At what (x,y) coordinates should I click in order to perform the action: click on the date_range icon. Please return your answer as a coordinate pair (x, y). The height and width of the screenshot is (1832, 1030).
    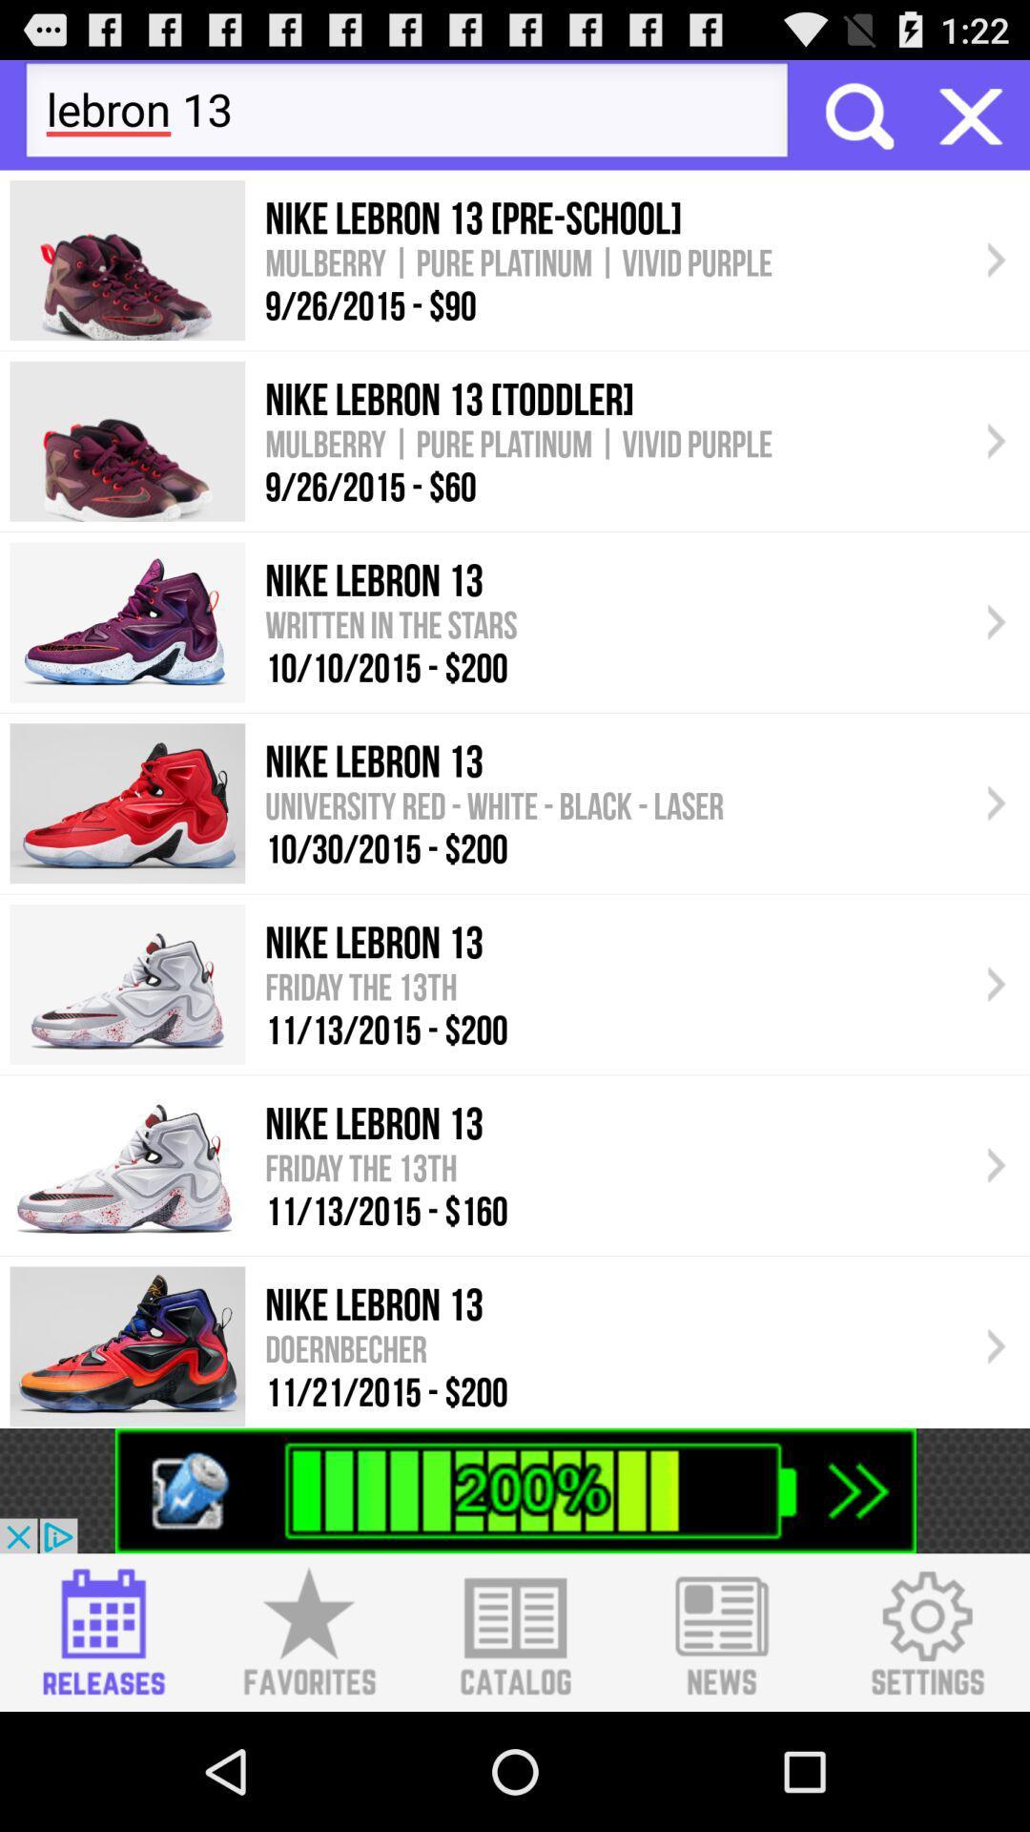
    Looking at the image, I should click on (103, 1747).